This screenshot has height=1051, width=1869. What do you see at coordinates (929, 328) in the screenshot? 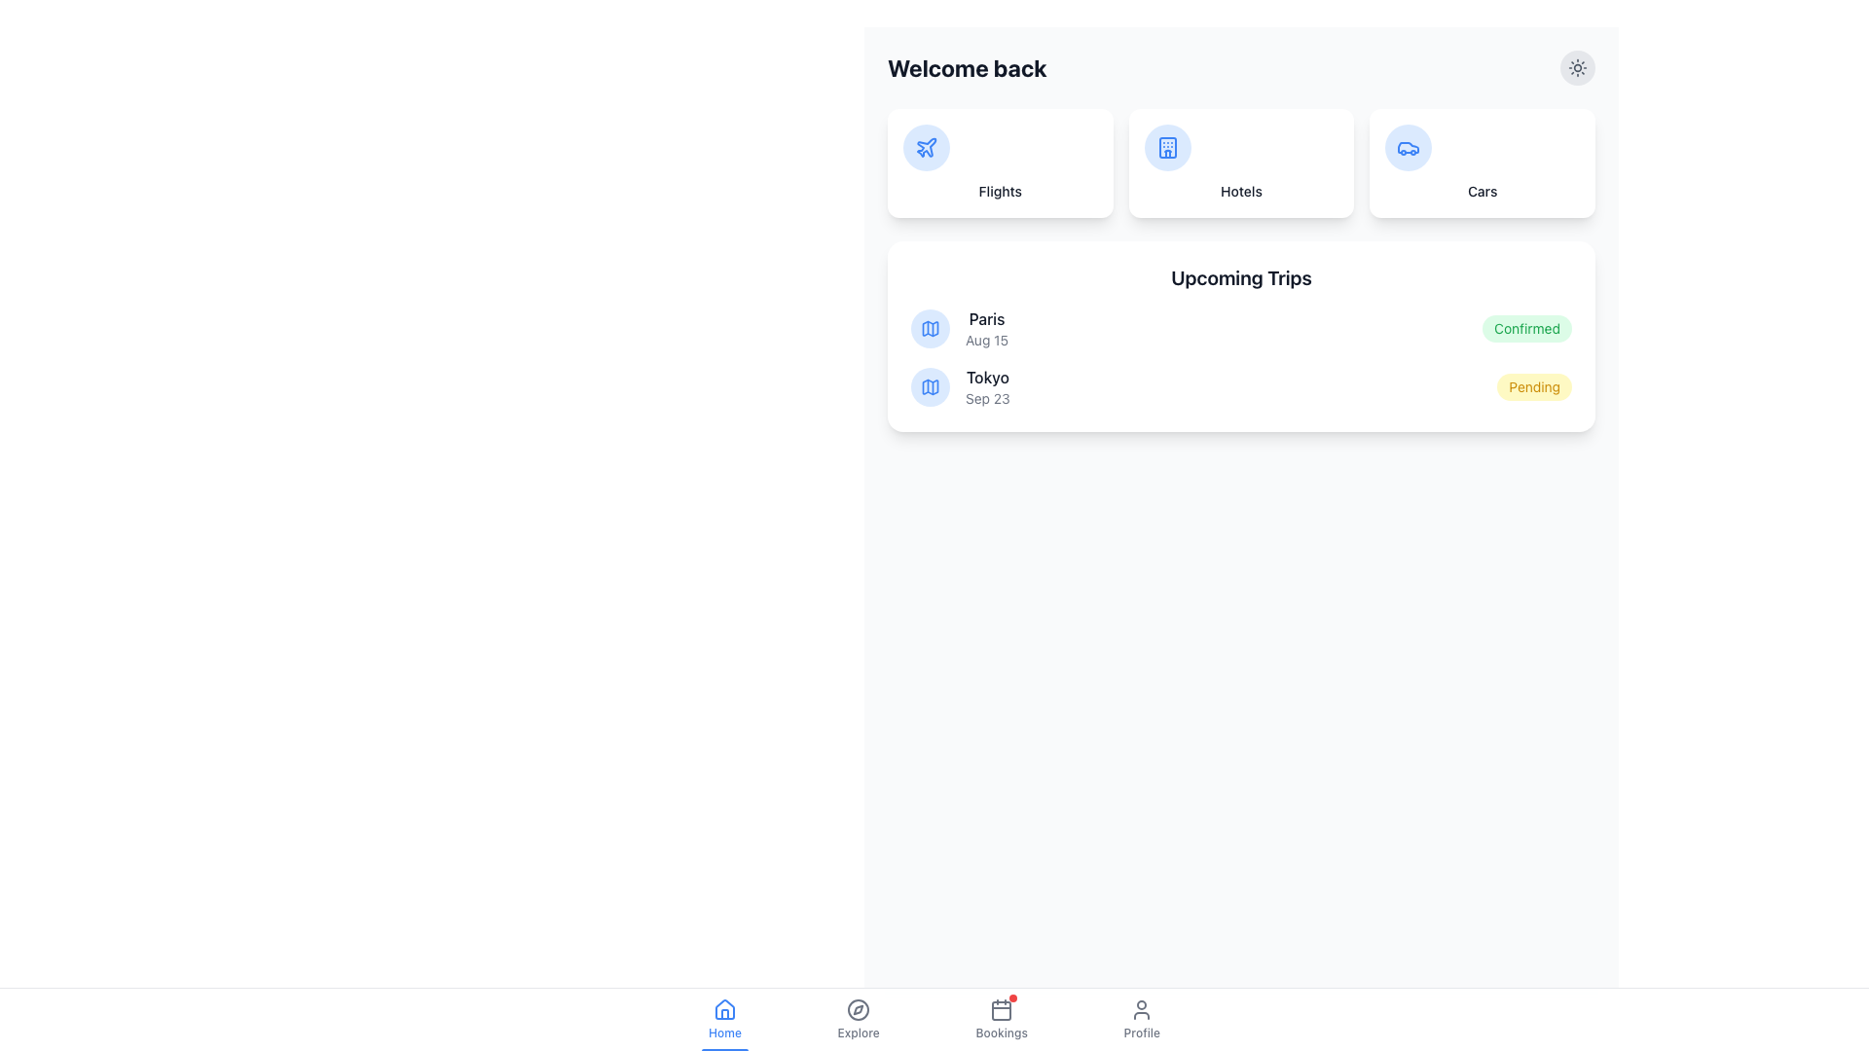
I see `the circular icon with a light blue background and a white map graphic` at bounding box center [929, 328].